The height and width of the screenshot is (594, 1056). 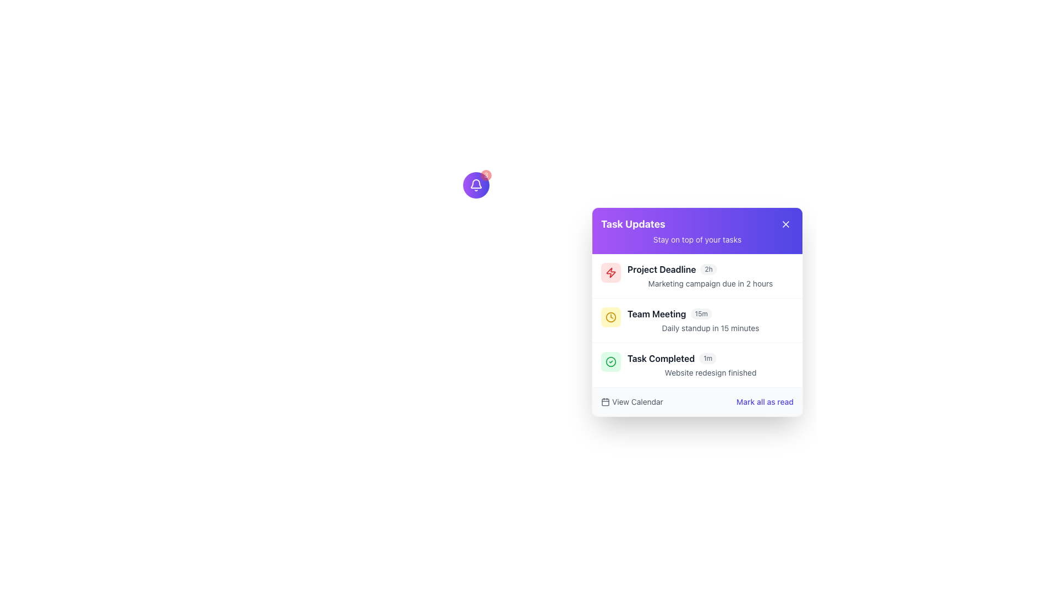 What do you see at coordinates (476, 184) in the screenshot?
I see `the circular notification button with a gradient background and a bell icon` at bounding box center [476, 184].